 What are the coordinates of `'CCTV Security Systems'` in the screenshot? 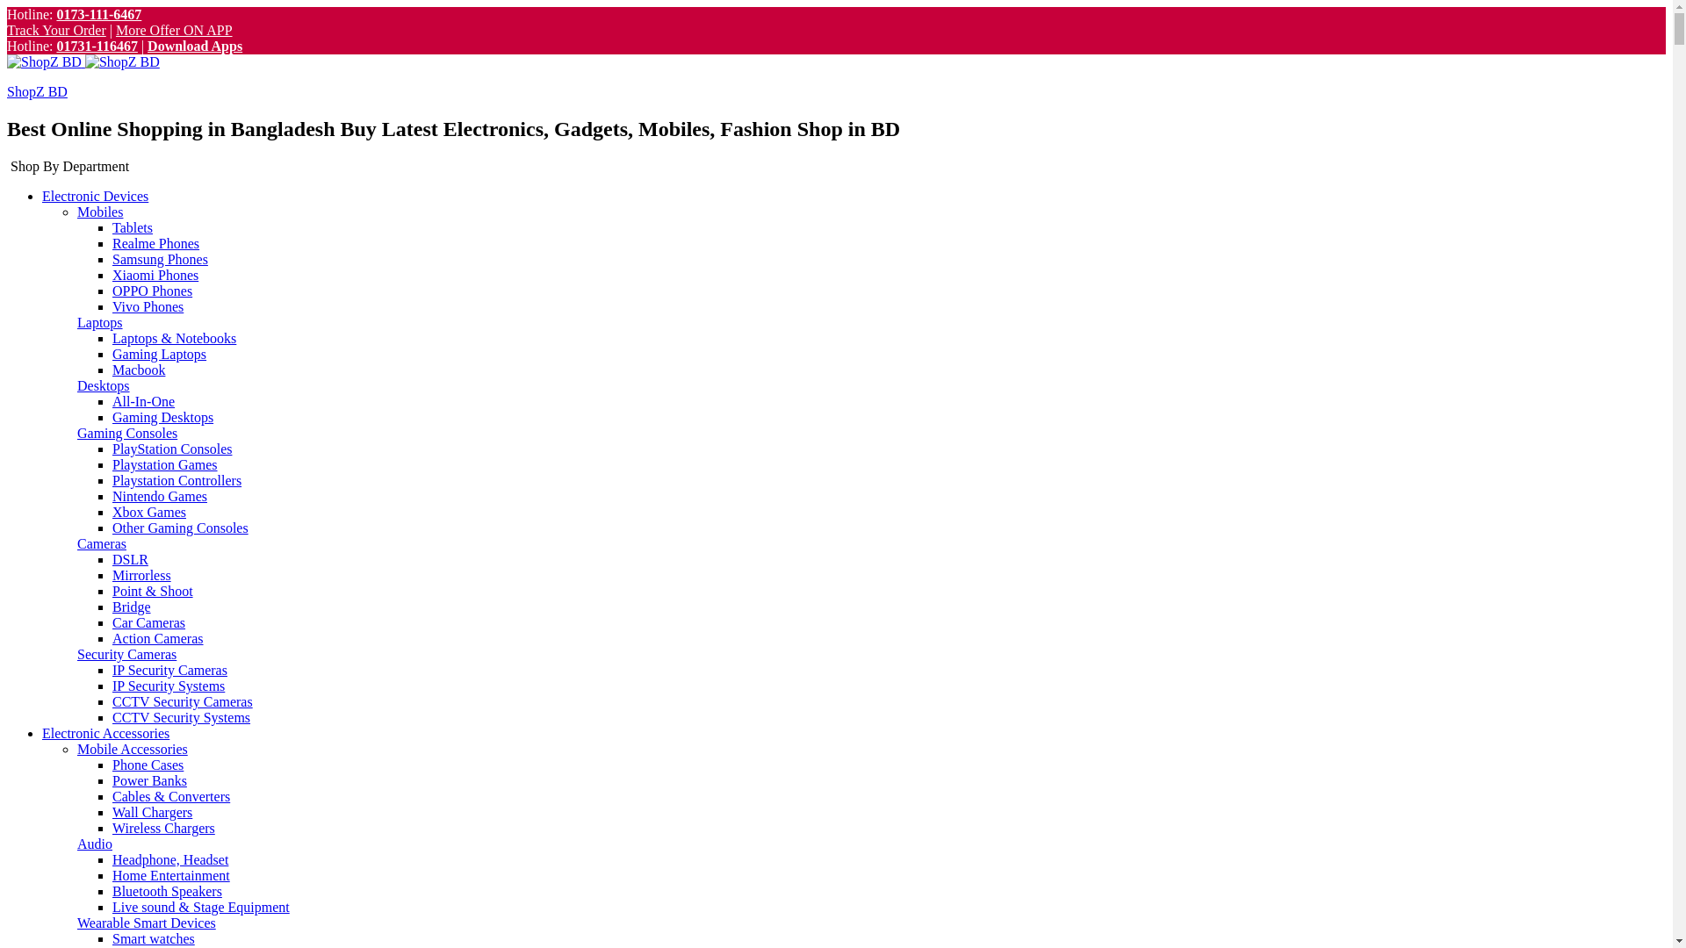 It's located at (181, 717).